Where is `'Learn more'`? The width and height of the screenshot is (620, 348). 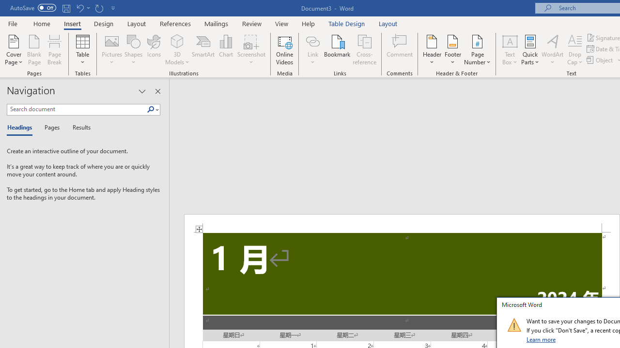
'Learn more' is located at coordinates (541, 339).